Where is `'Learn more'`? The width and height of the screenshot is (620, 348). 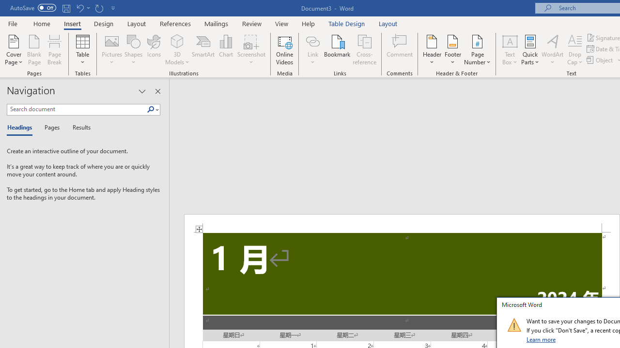
'Learn more' is located at coordinates (541, 339).